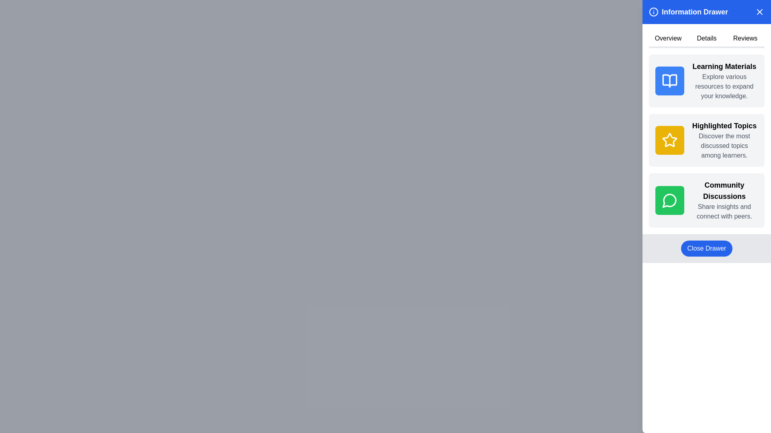 Image resolution: width=771 pixels, height=433 pixels. What do you see at coordinates (653, 12) in the screenshot?
I see `the circular information icon with a blue background and white 'i' symbol, located at the top-left corner of the 'Information Drawer' section` at bounding box center [653, 12].